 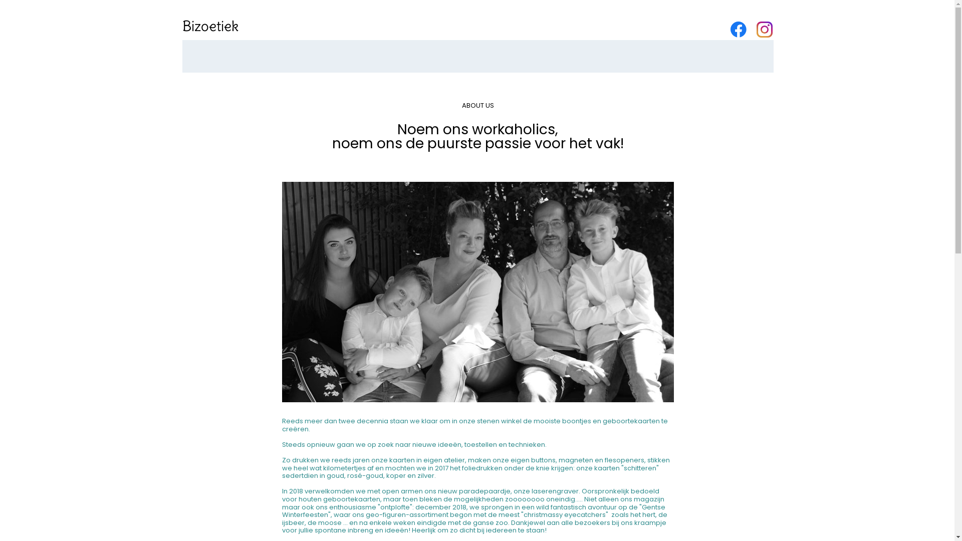 What do you see at coordinates (182, 25) in the screenshot?
I see `'Bizoetiek'` at bounding box center [182, 25].